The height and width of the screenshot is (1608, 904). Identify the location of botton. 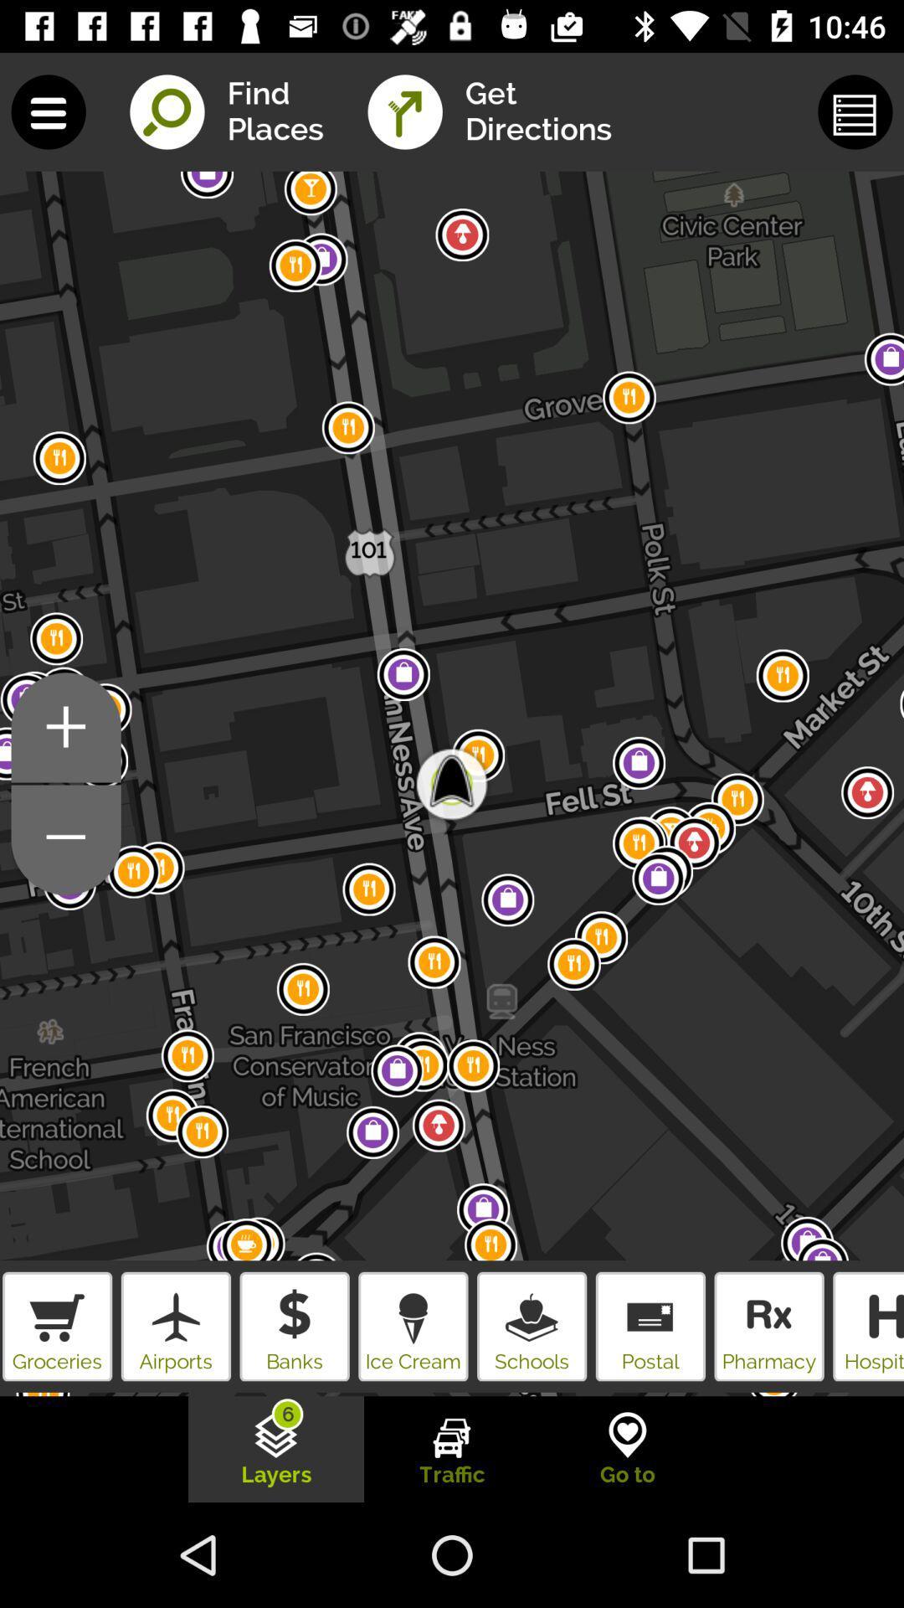
(65, 840).